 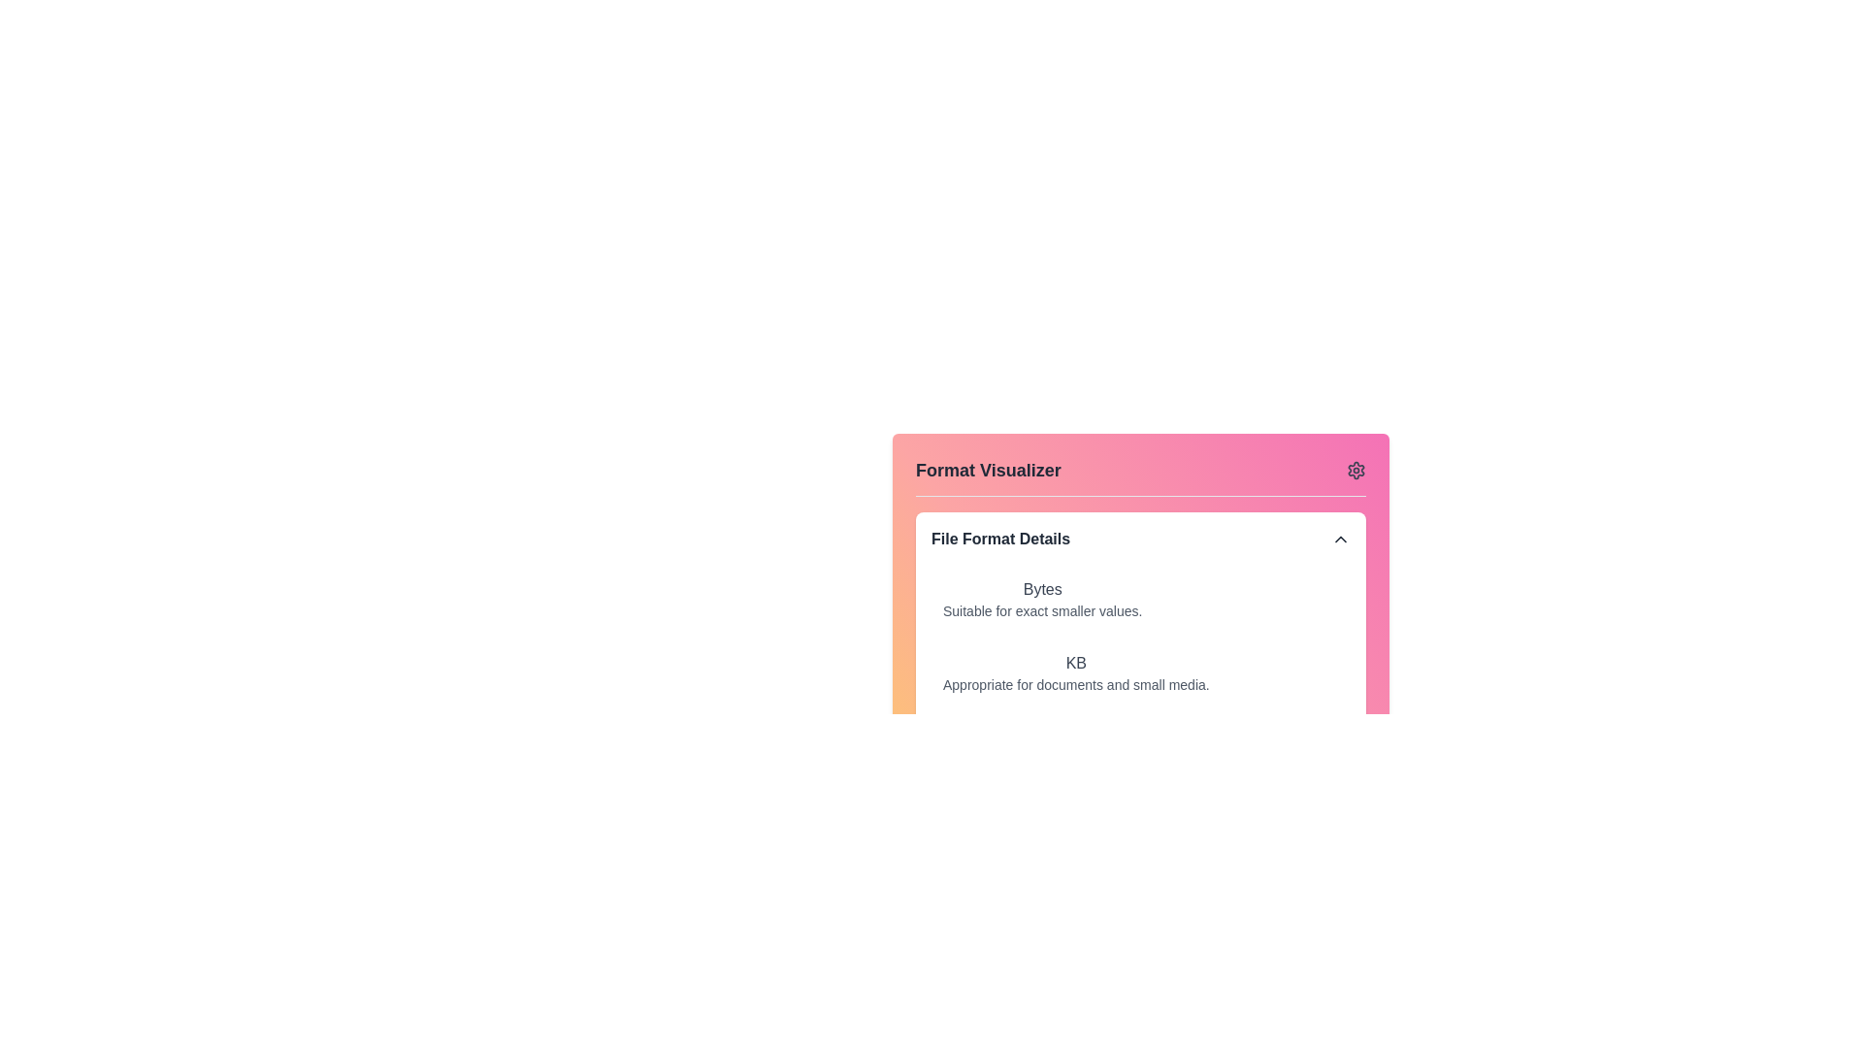 What do you see at coordinates (1355, 471) in the screenshot?
I see `the gear icon button located at the top-right corner of the 'Format Visualizer' header section` at bounding box center [1355, 471].